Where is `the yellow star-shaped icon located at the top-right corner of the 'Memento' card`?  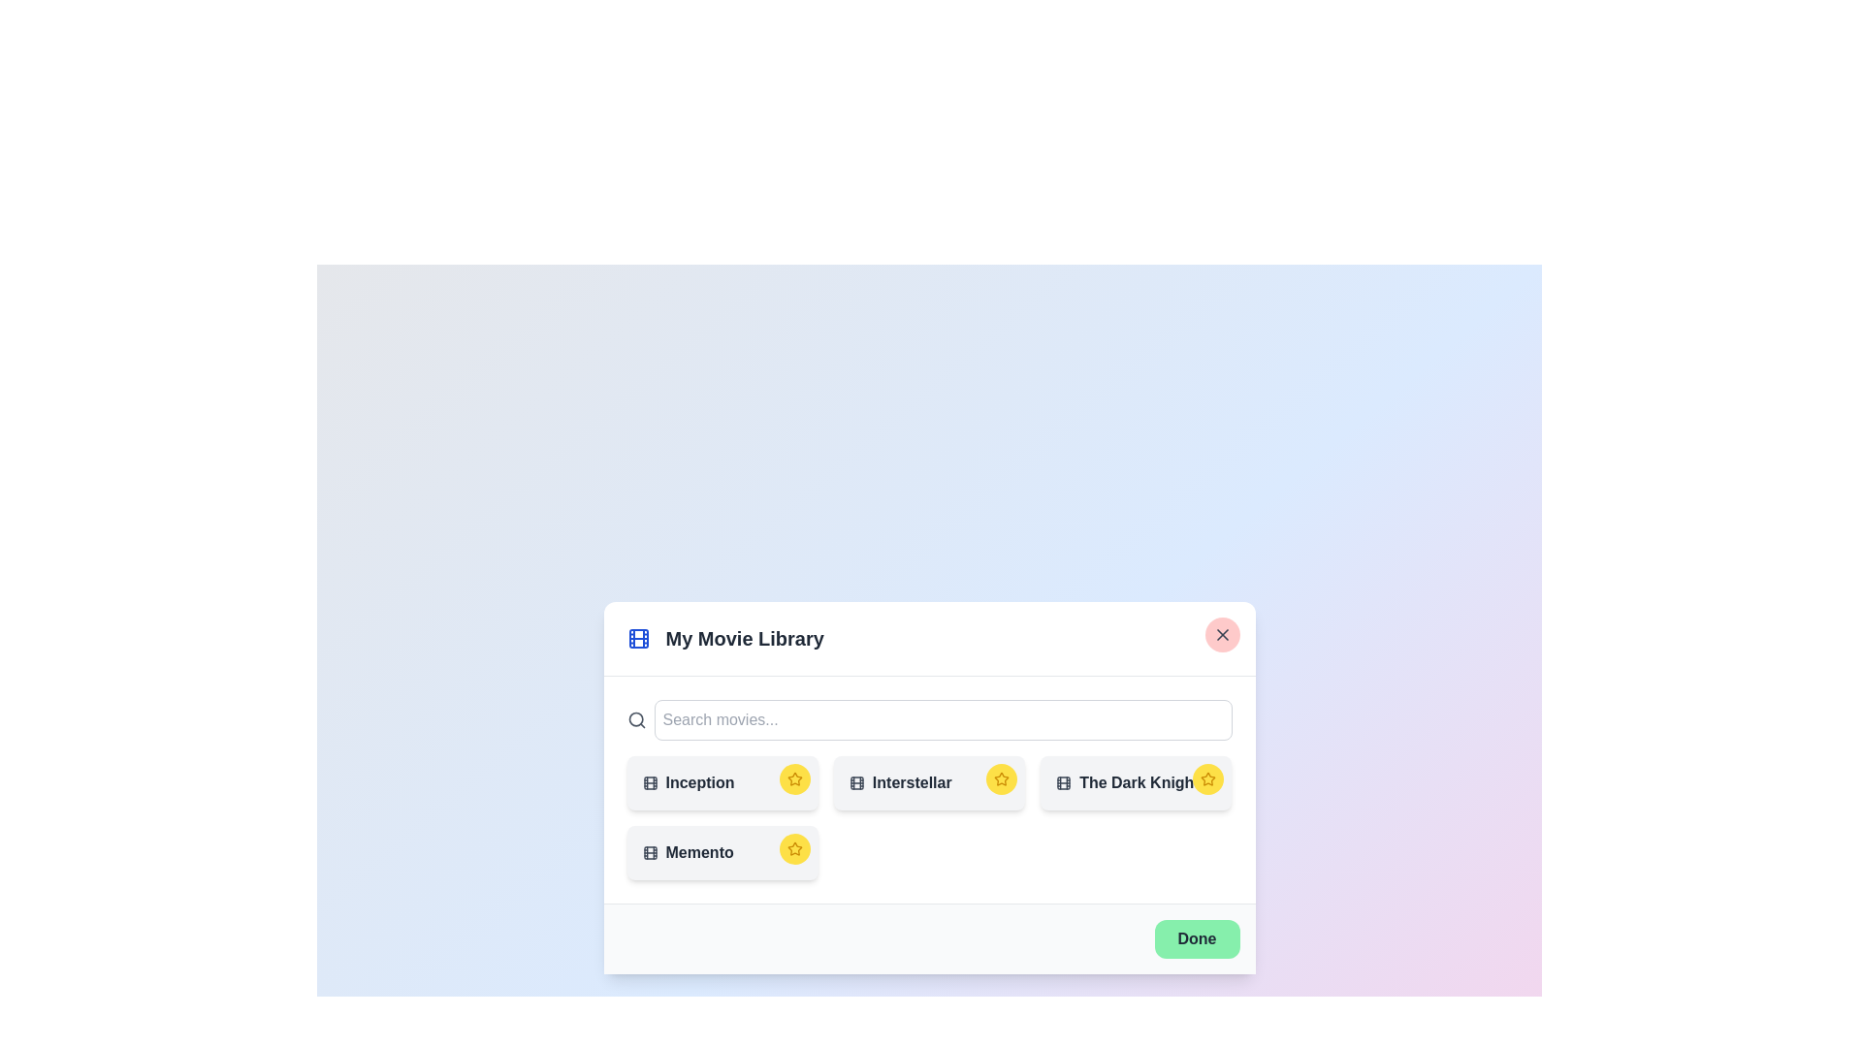 the yellow star-shaped icon located at the top-right corner of the 'Memento' card is located at coordinates (794, 847).